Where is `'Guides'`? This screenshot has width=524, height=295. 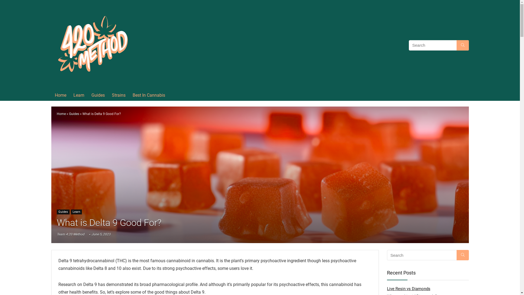
'Guides' is located at coordinates (73, 113).